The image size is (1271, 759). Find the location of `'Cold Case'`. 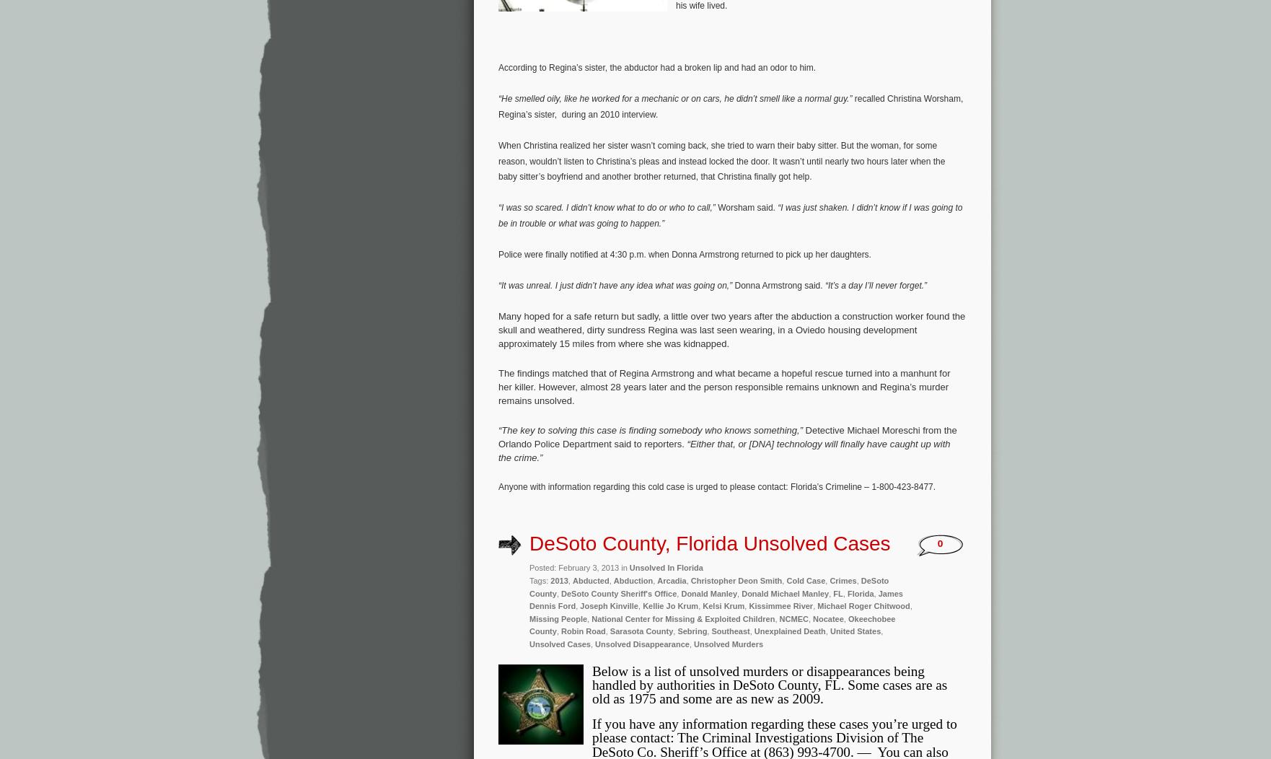

'Cold Case' is located at coordinates (786, 580).